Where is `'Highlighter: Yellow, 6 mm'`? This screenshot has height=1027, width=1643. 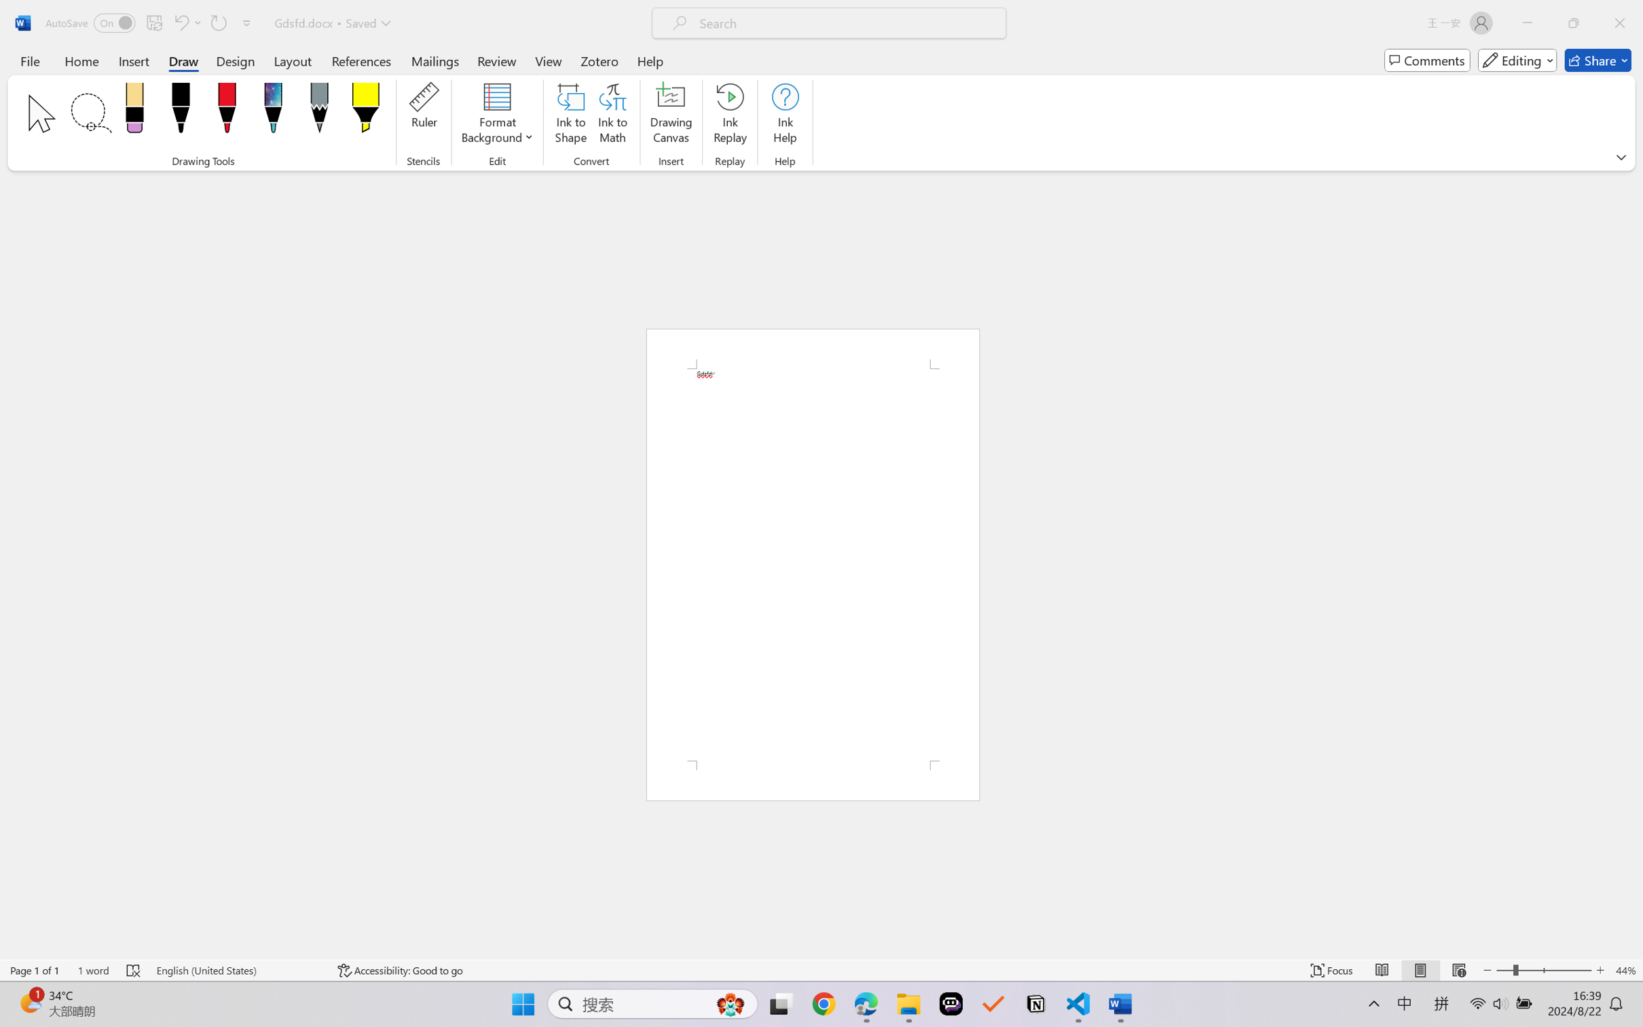 'Highlighter: Yellow, 6 mm' is located at coordinates (366, 111).